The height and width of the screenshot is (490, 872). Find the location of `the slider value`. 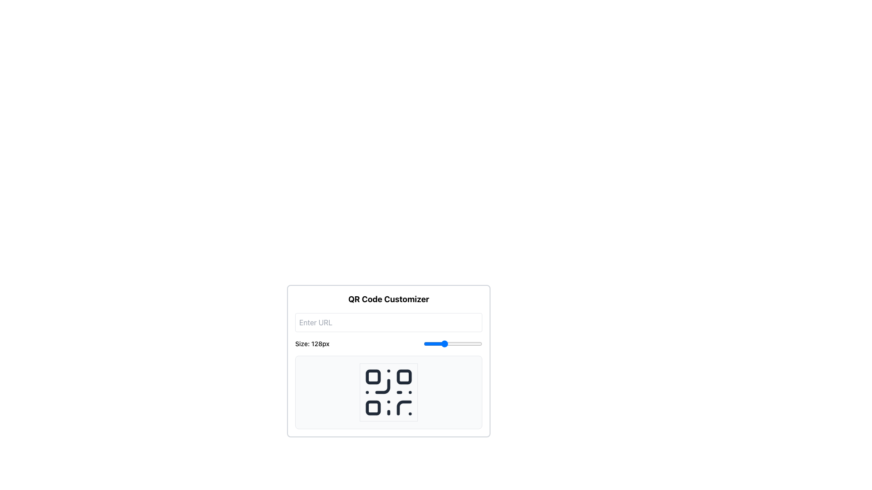

the slider value is located at coordinates (466, 344).